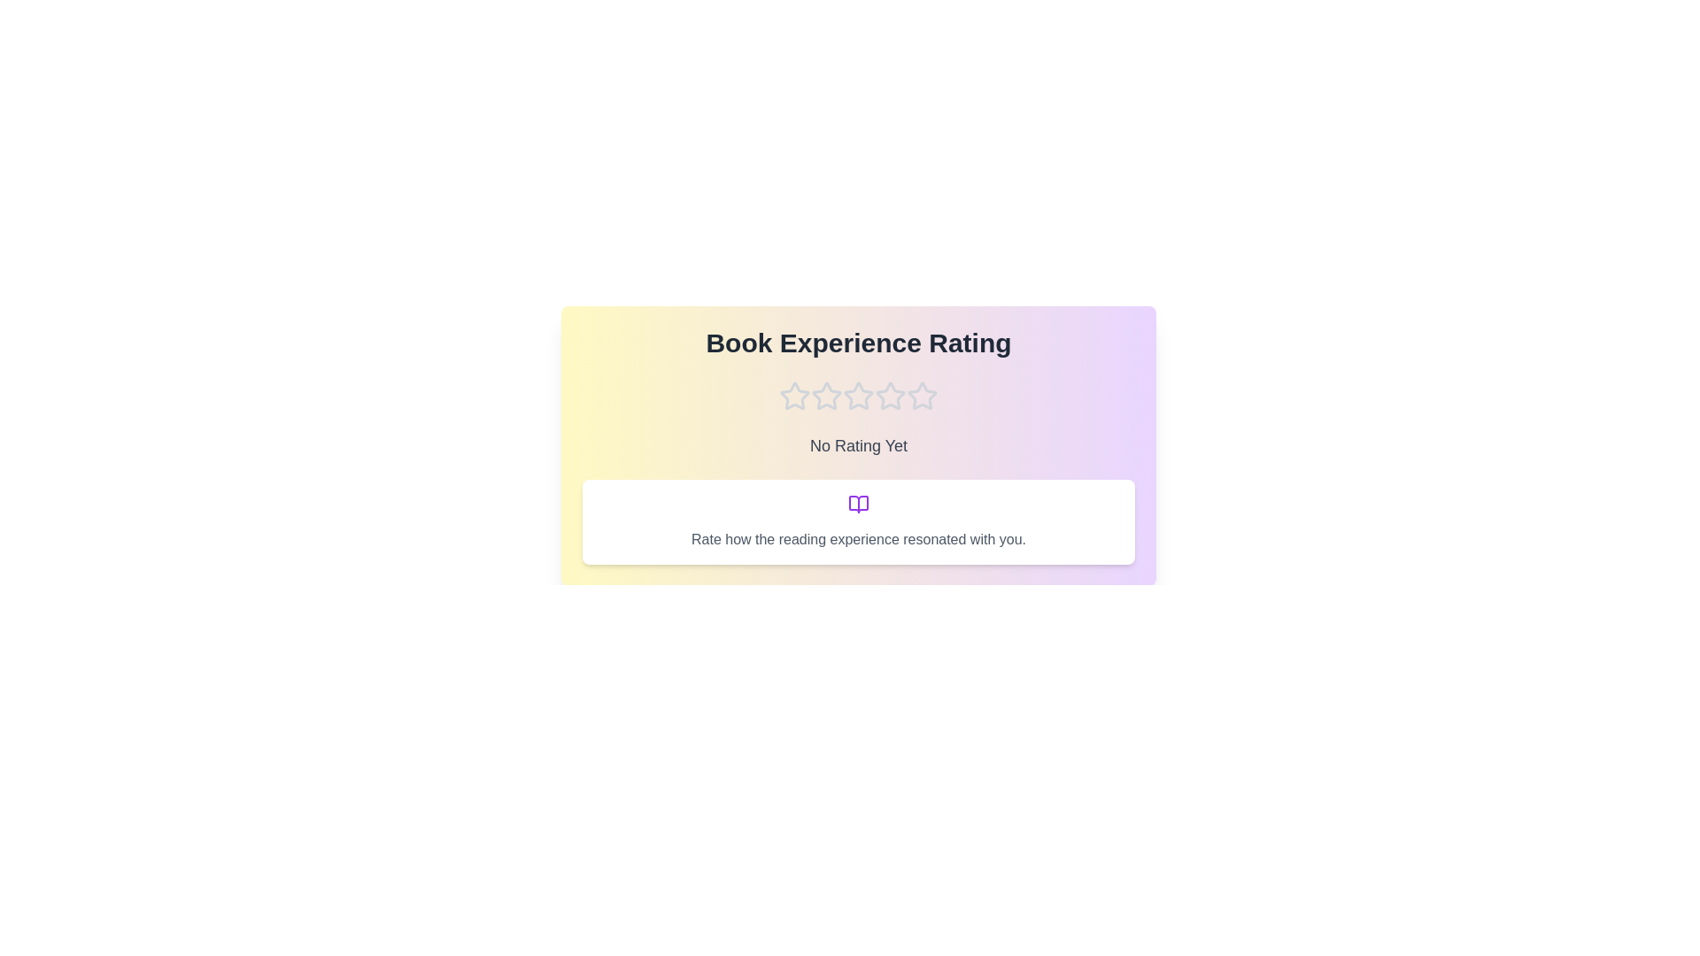 The width and height of the screenshot is (1700, 956). I want to click on the star corresponding to 5 stars to preview the rating description, so click(921, 395).